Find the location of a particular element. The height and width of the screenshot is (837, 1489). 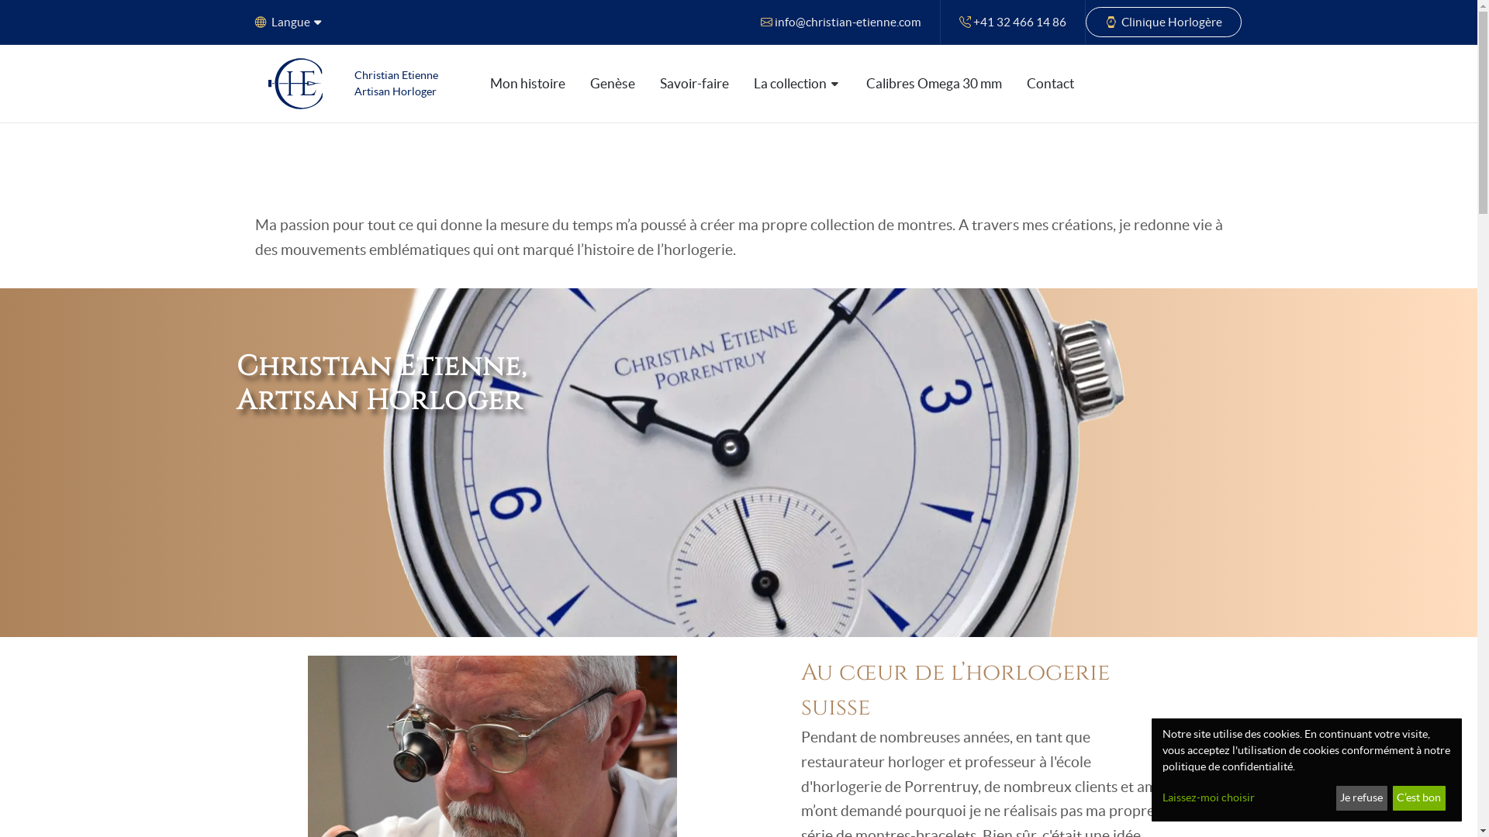

'Contact' is located at coordinates (1049, 84).